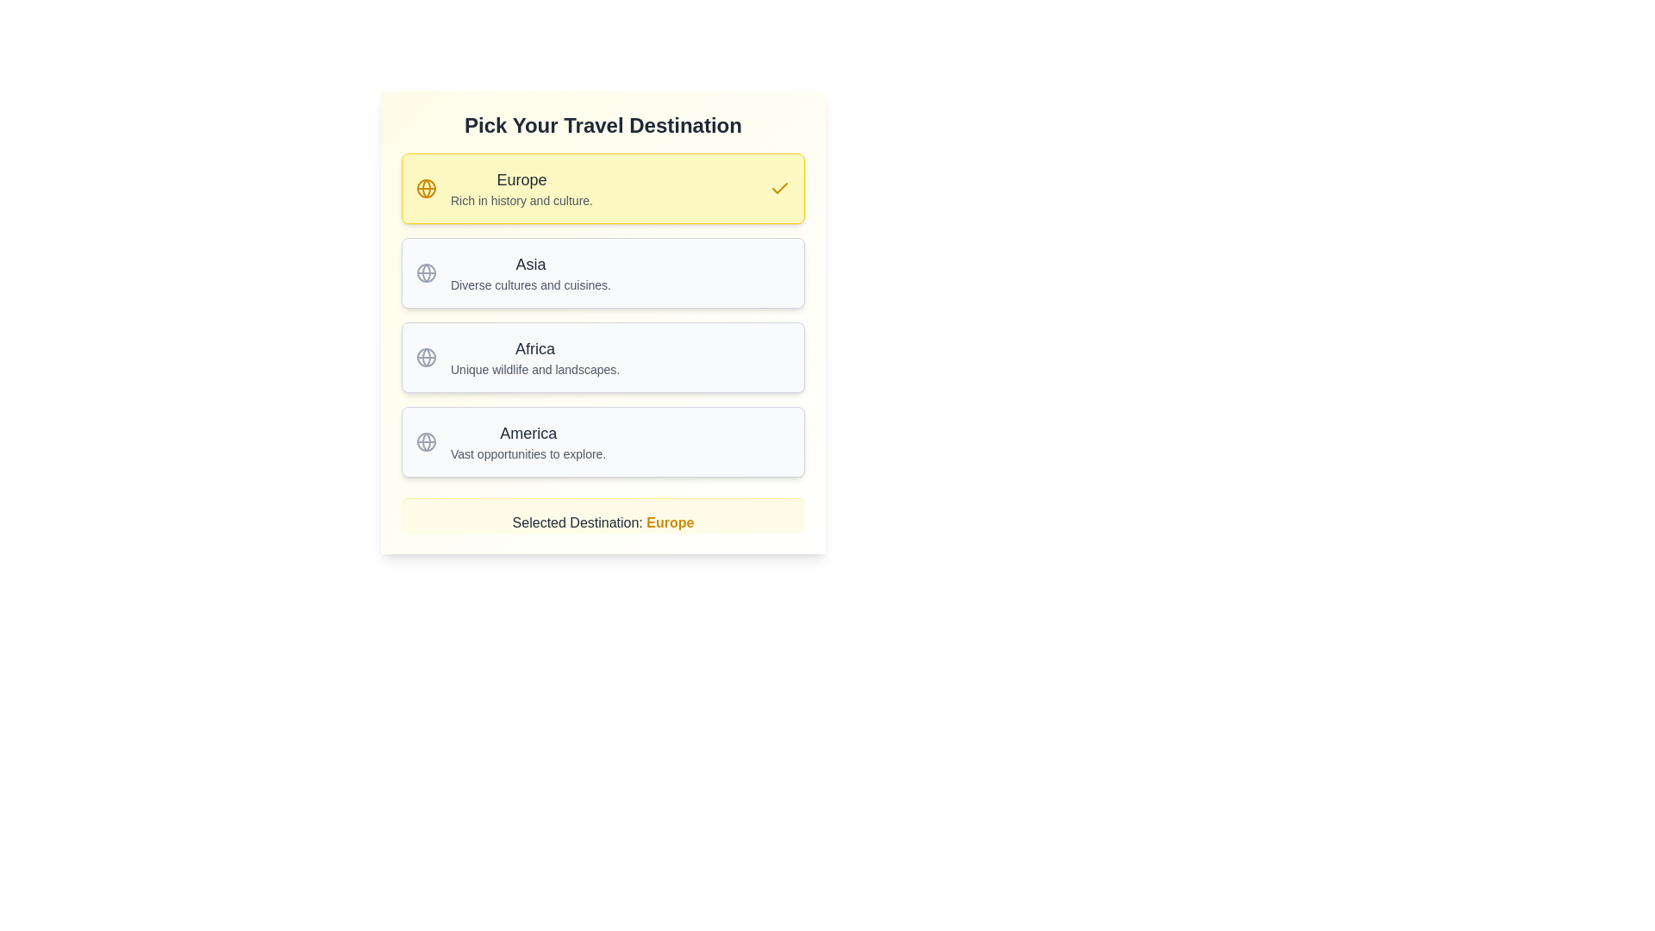 The image size is (1655, 931). Describe the element at coordinates (426, 272) in the screenshot. I see `the appearance of the globe icon located to the immediate left of the text label for the list item 'Asia' in the vertical menu layout` at that location.